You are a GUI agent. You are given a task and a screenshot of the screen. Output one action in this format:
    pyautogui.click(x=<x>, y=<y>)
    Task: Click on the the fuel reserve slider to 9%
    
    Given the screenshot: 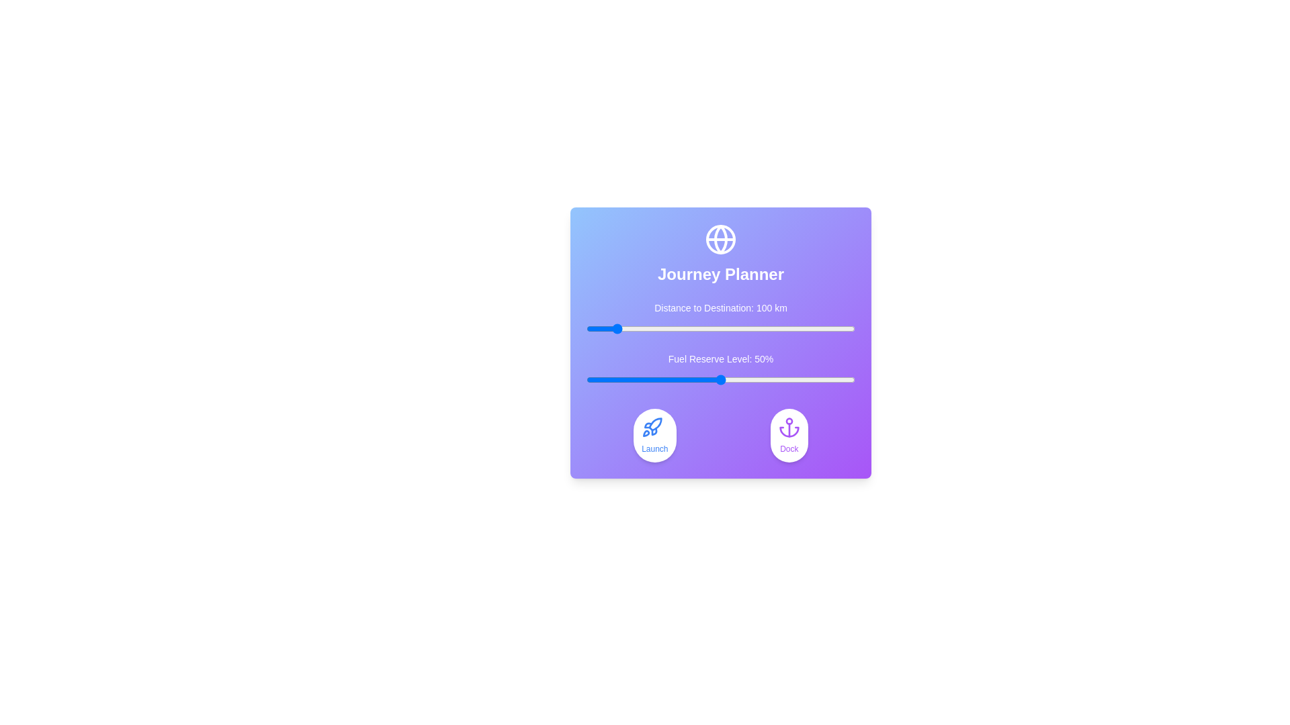 What is the action you would take?
    pyautogui.click(x=609, y=380)
    